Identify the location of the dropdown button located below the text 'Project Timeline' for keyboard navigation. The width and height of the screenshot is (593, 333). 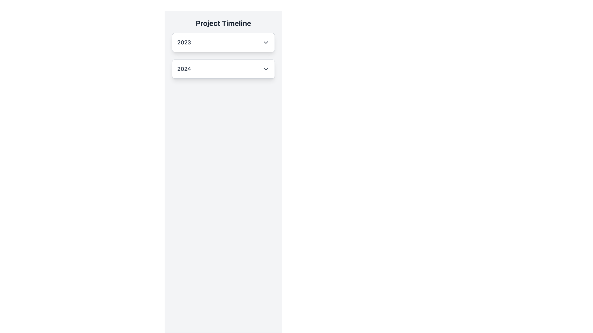
(223, 42).